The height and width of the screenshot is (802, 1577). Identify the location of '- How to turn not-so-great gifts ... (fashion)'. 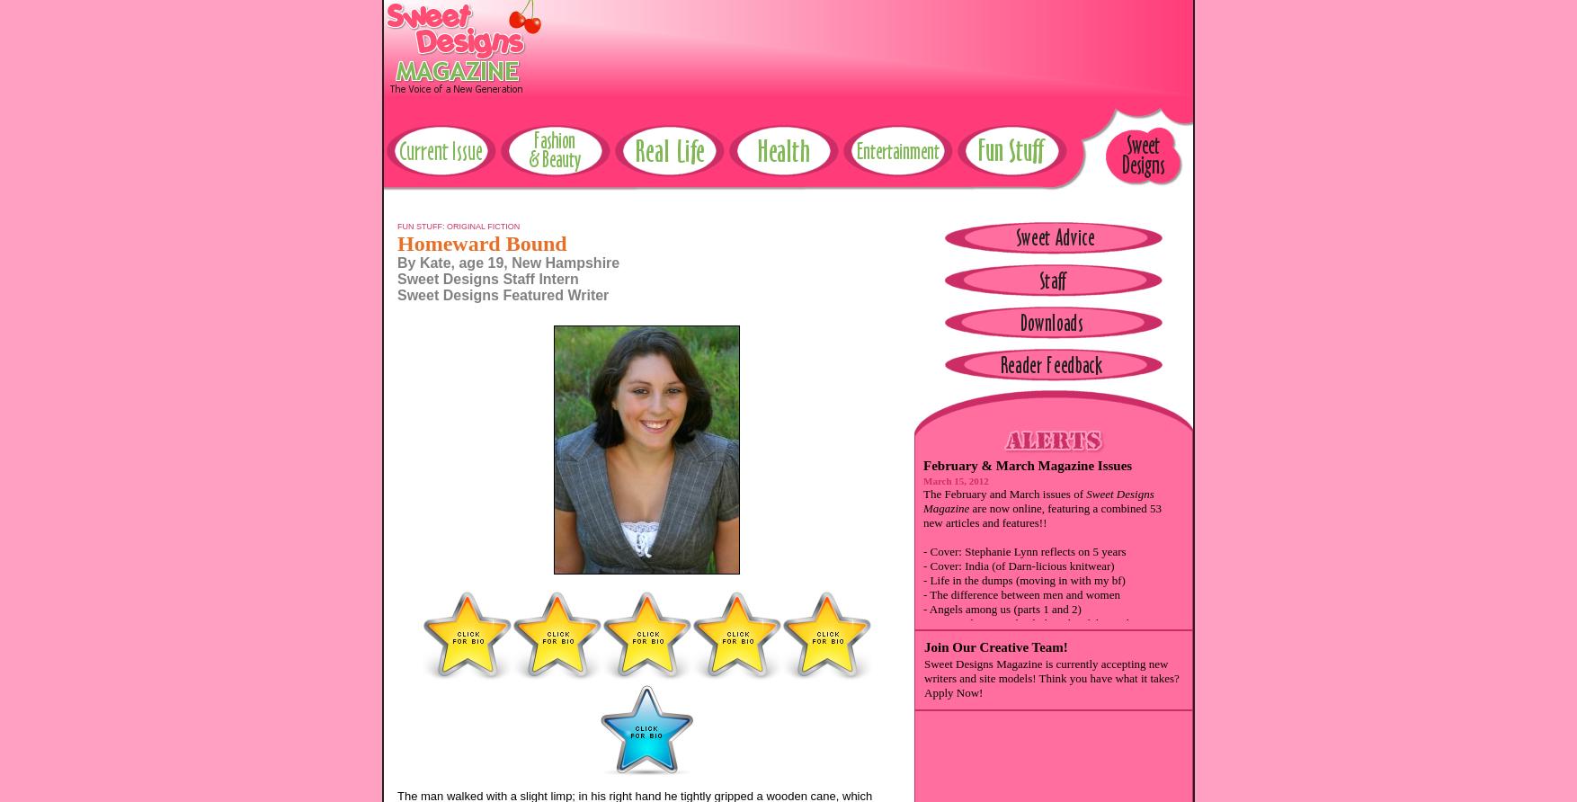
(1024, 665).